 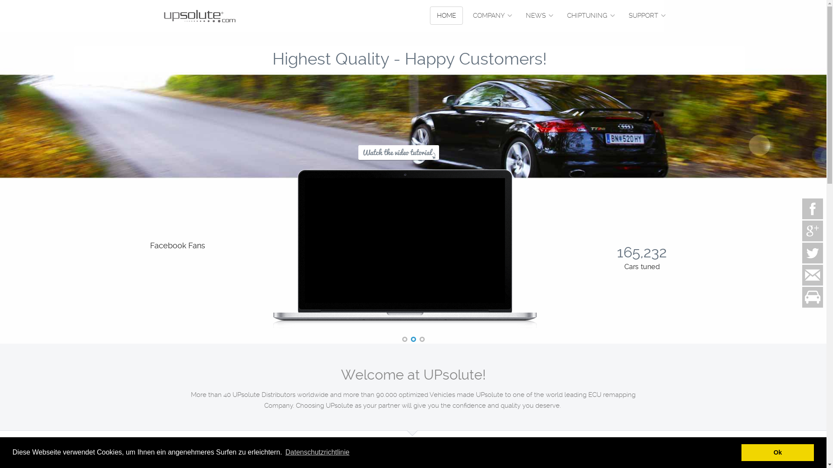 What do you see at coordinates (812, 275) in the screenshot?
I see `'Contact us'` at bounding box center [812, 275].